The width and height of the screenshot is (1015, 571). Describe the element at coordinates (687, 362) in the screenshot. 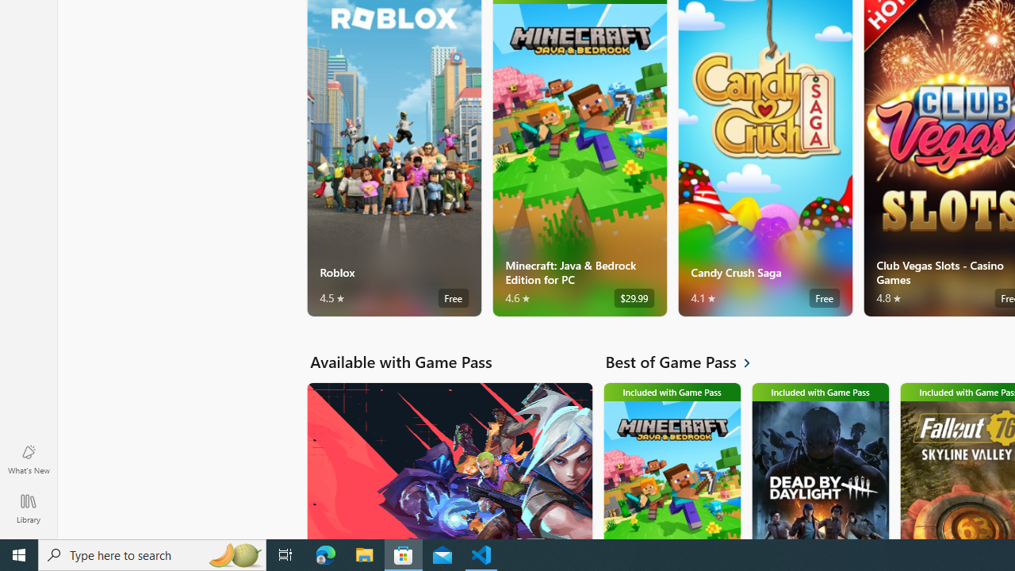

I see `'See all  Best of Game Pass'` at that location.